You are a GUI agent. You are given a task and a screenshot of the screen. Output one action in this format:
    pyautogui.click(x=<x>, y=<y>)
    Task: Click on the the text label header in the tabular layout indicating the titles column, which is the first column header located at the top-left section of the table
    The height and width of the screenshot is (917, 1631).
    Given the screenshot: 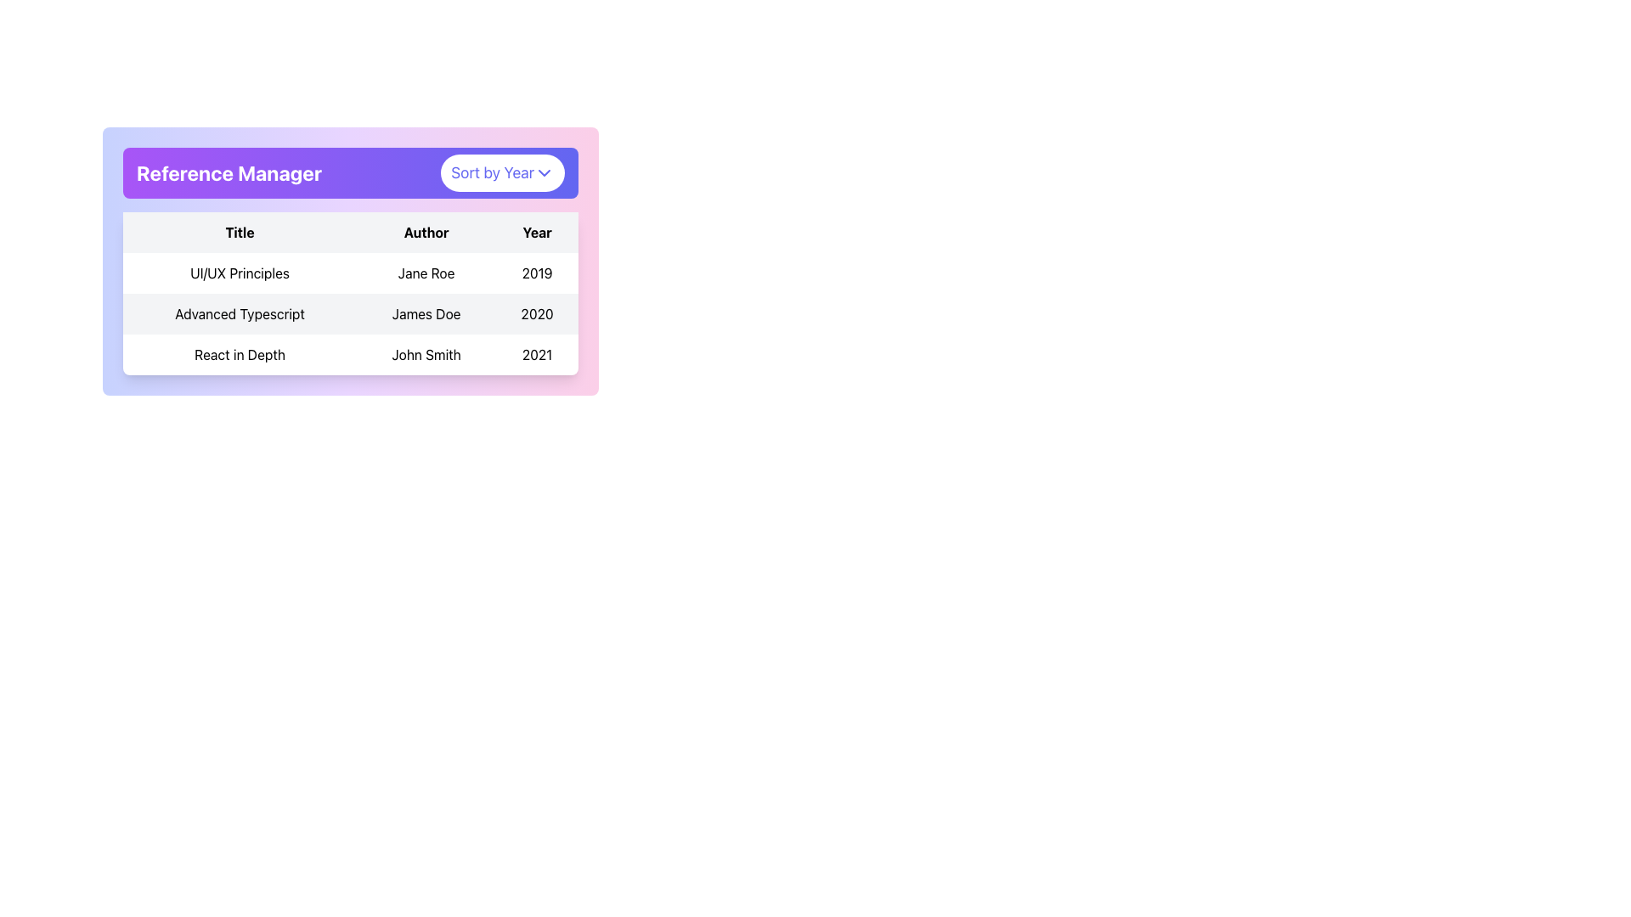 What is the action you would take?
    pyautogui.click(x=239, y=232)
    